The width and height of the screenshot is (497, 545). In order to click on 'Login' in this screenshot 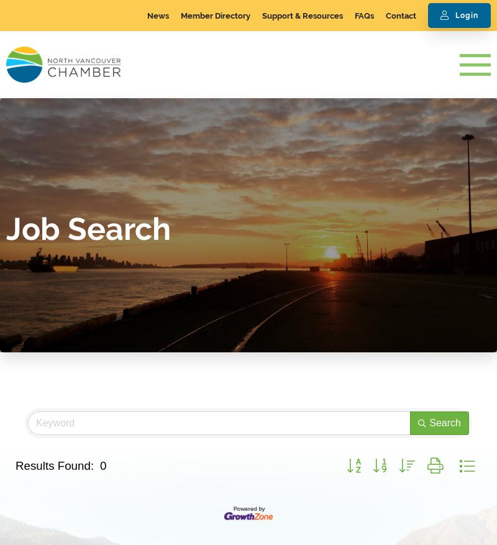, I will do `click(455, 14)`.